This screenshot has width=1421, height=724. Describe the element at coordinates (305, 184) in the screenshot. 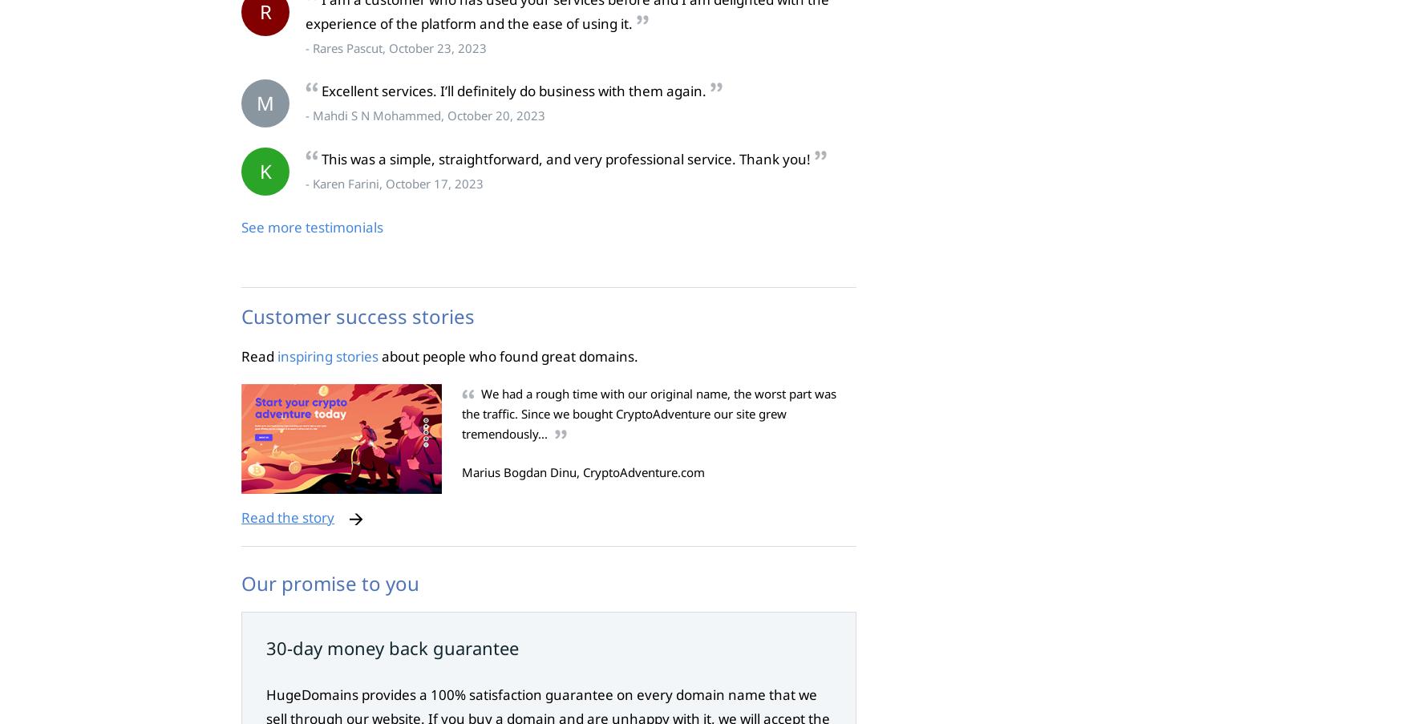

I see `'- Karen Farini, October 17, 2023'` at that location.